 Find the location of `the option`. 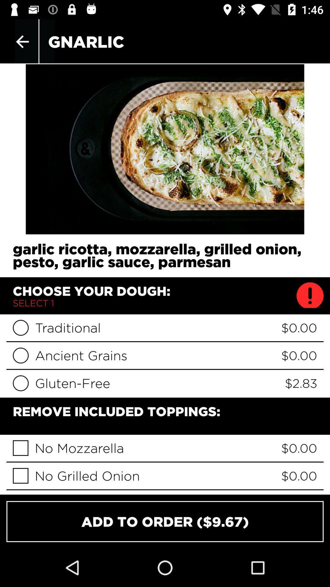

the option is located at coordinates (20, 448).